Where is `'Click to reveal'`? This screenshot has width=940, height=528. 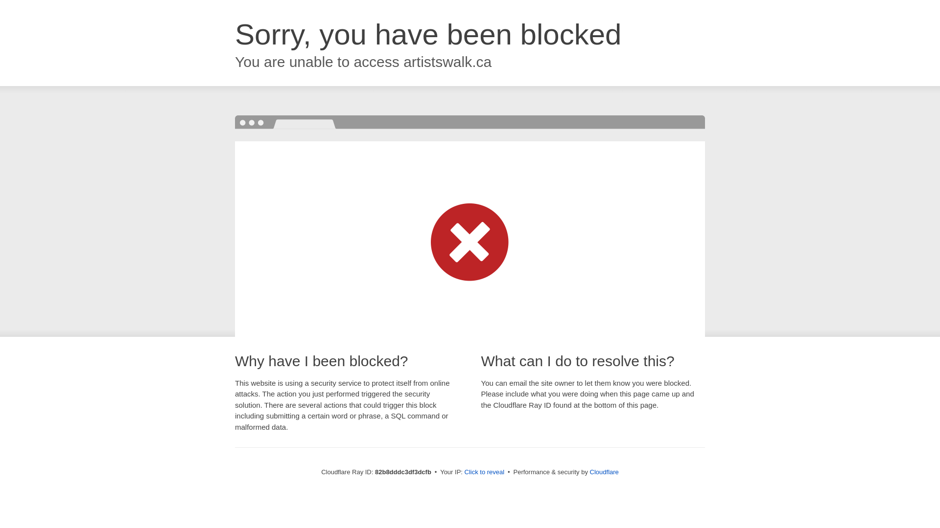
'Click to reveal' is located at coordinates (484, 471).